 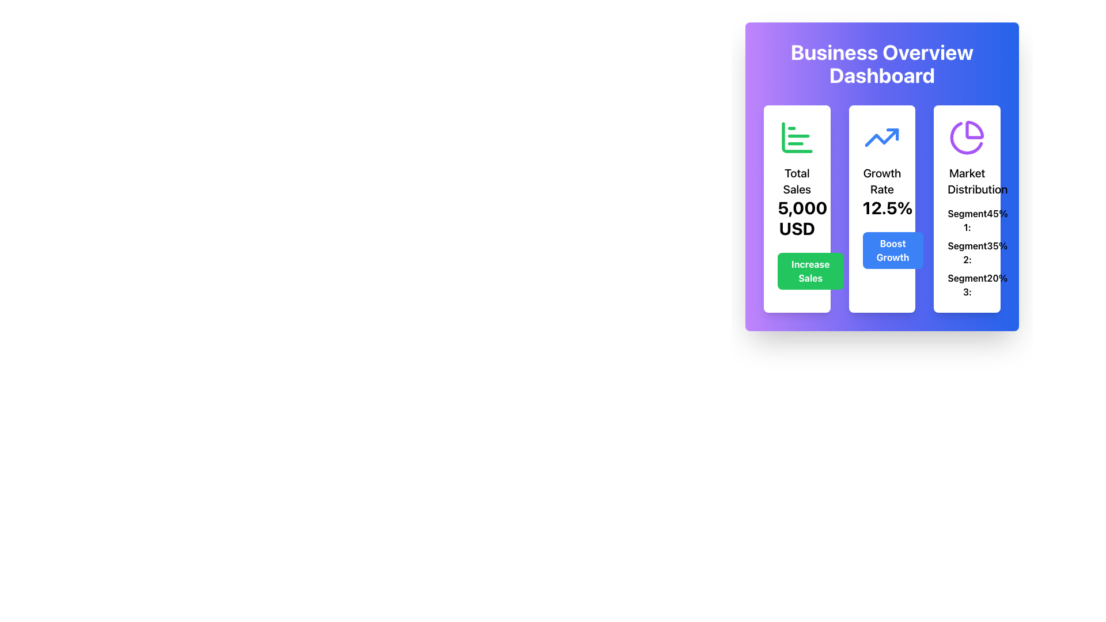 What do you see at coordinates (796, 137) in the screenshot?
I see `the decorative icon representing total sales, located at the upper center of the 'Total Sales' card in the dashboard, above the text and green button` at bounding box center [796, 137].